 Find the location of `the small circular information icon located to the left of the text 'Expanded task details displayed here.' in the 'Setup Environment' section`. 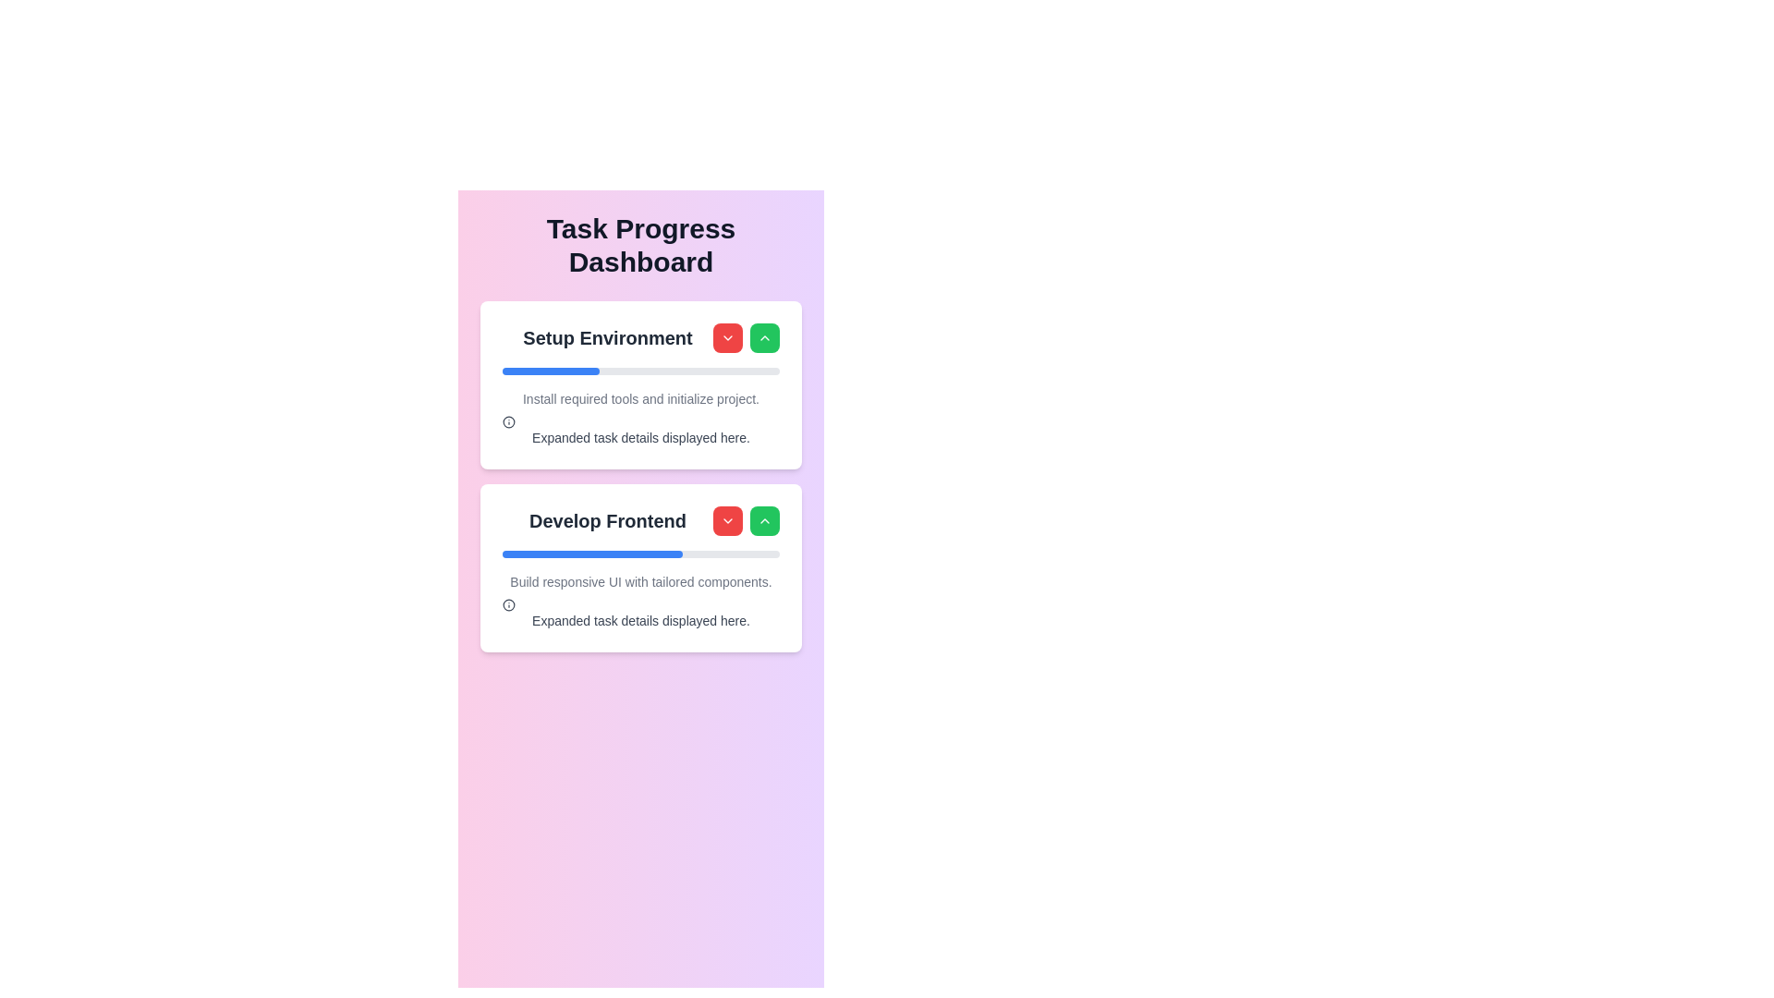

the small circular information icon located to the left of the text 'Expanded task details displayed here.' in the 'Setup Environment' section is located at coordinates (509, 421).